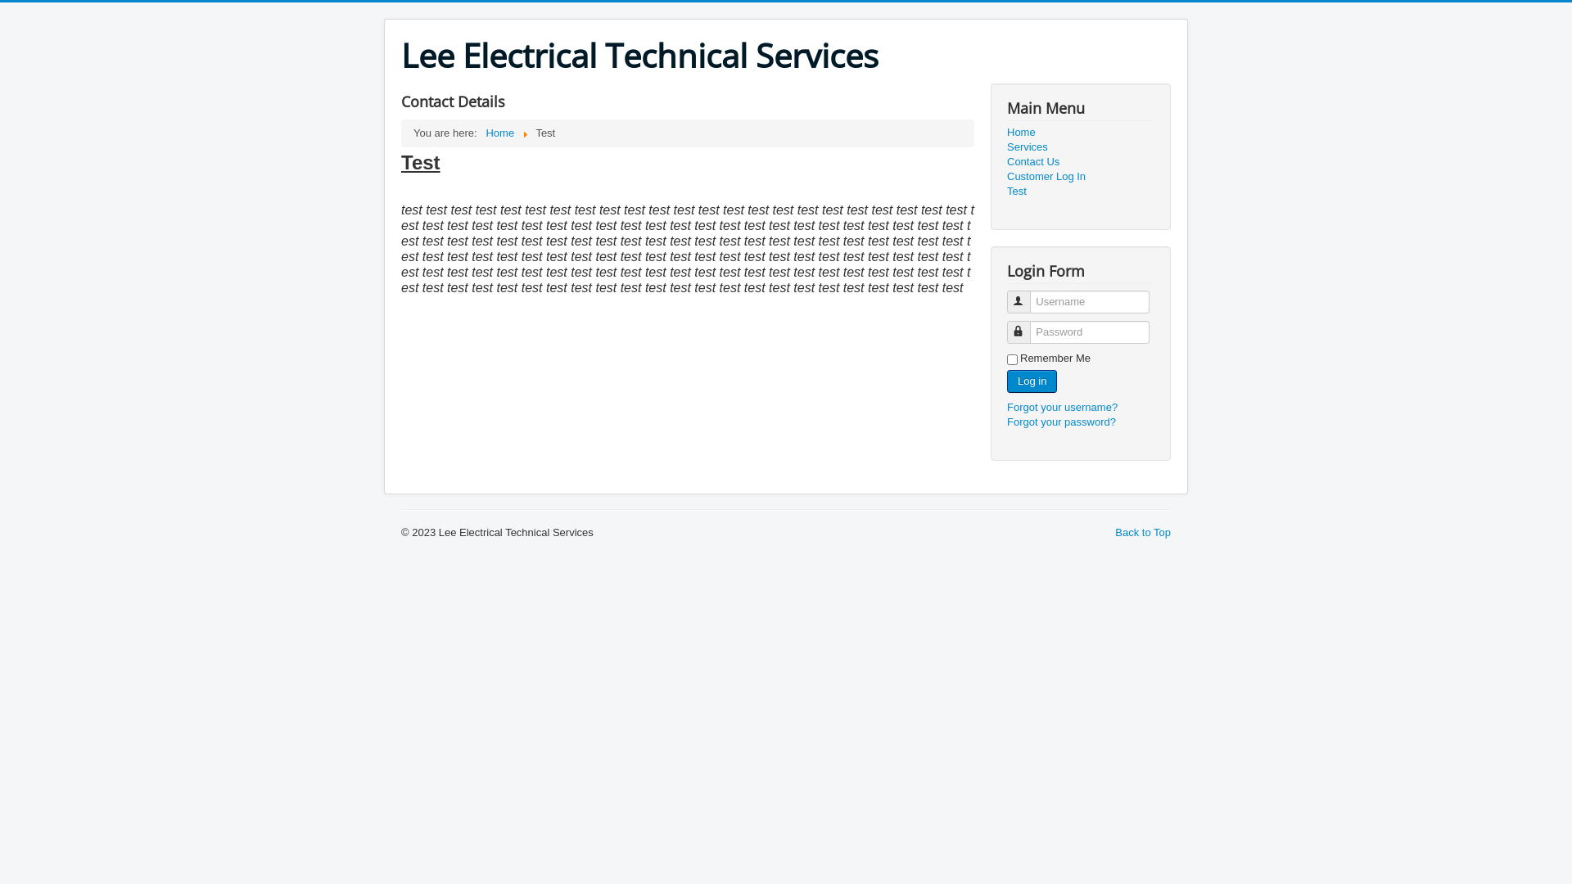  I want to click on 'Username', so click(1017, 300).